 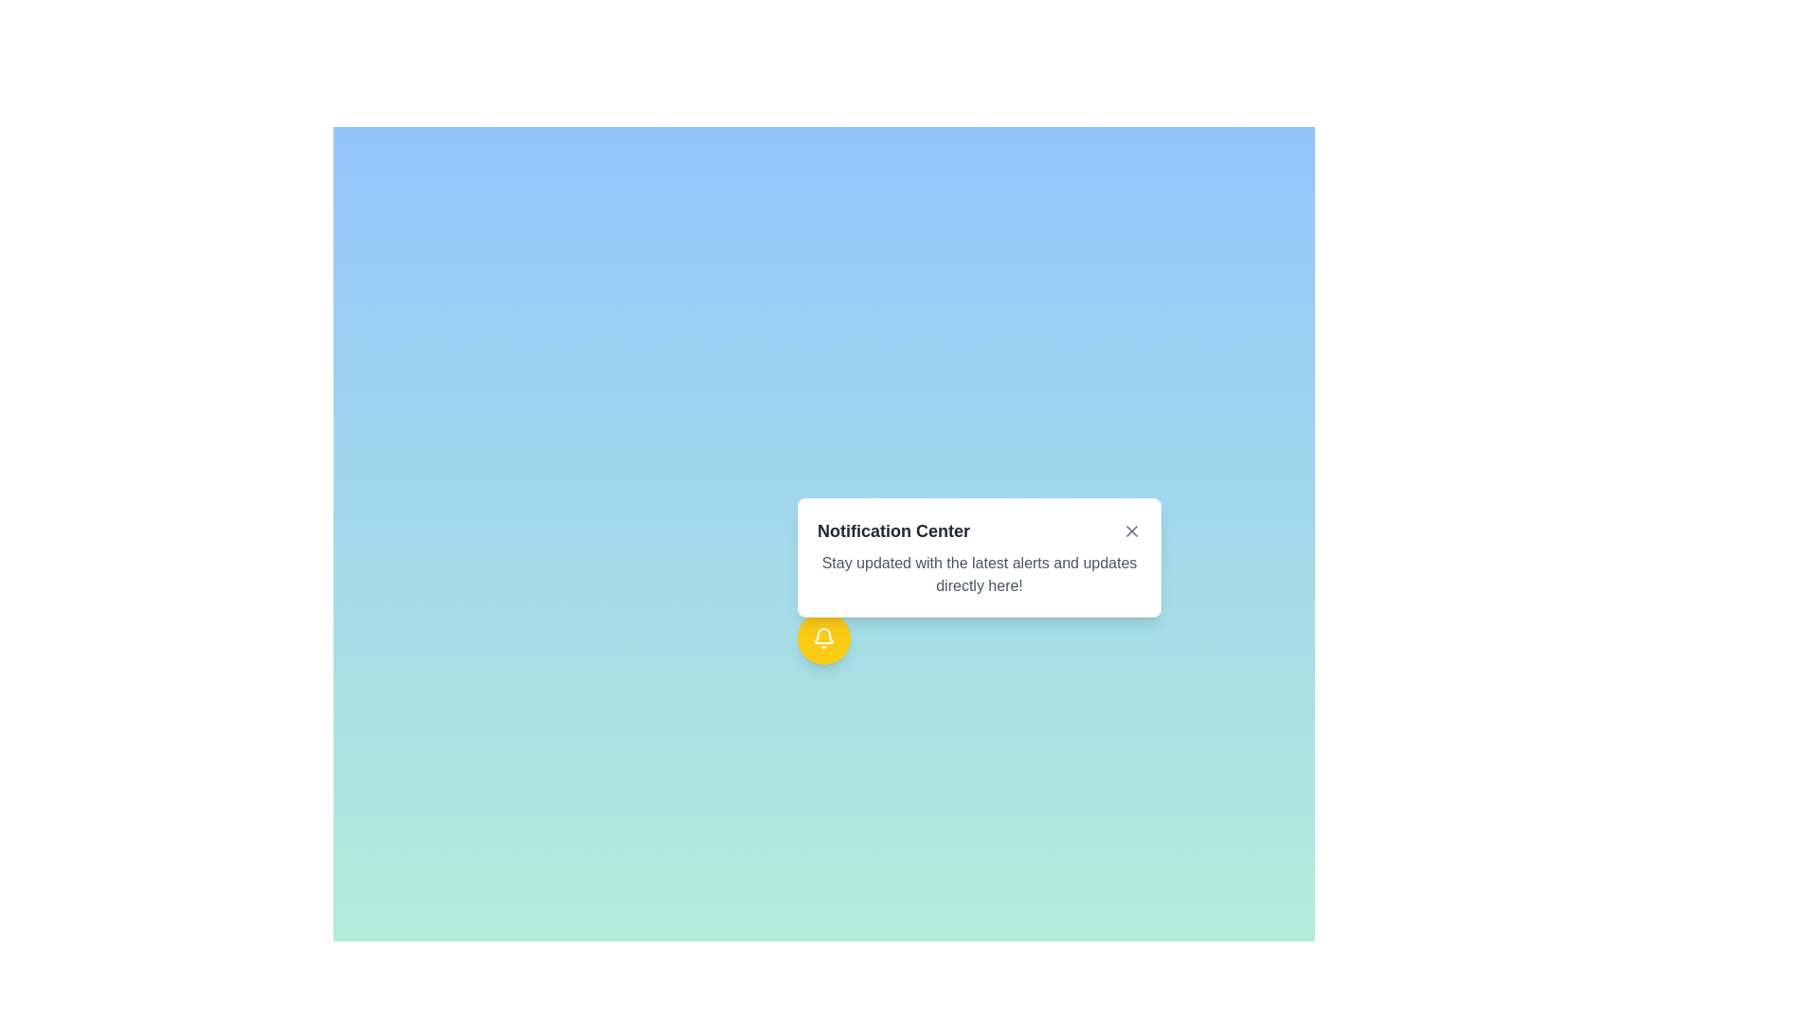 What do you see at coordinates (823, 638) in the screenshot?
I see `the bell icon located within the circular button in the bottom-right corner of the 'Notification Center' bubble to visually represent notifications` at bounding box center [823, 638].